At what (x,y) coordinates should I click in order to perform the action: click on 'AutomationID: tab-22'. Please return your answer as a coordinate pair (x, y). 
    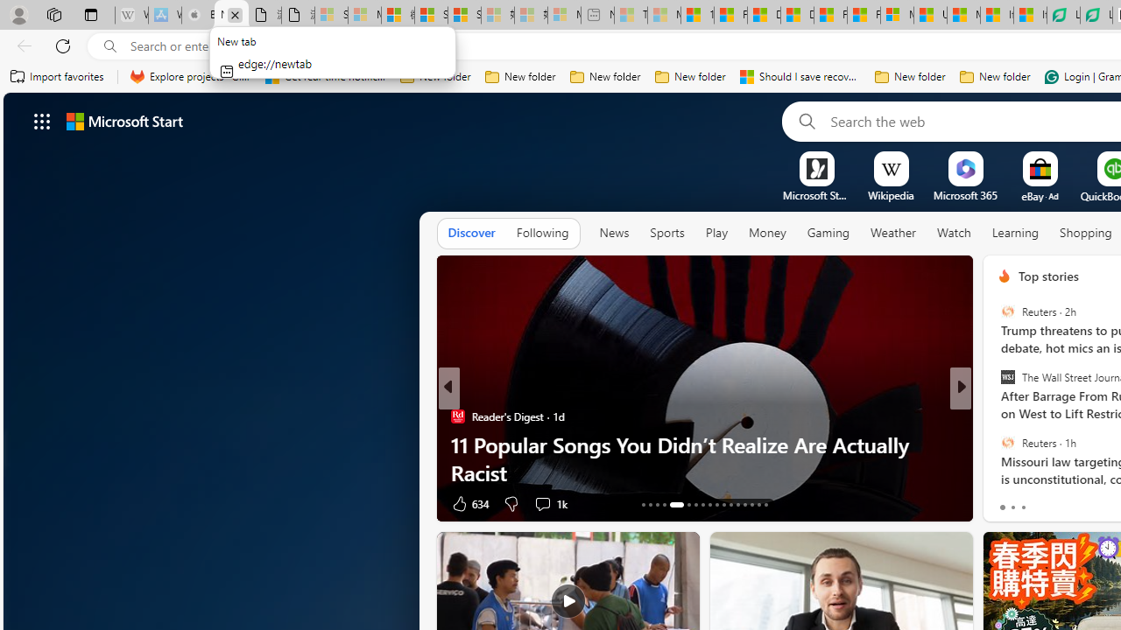
    Looking at the image, I should click on (716, 505).